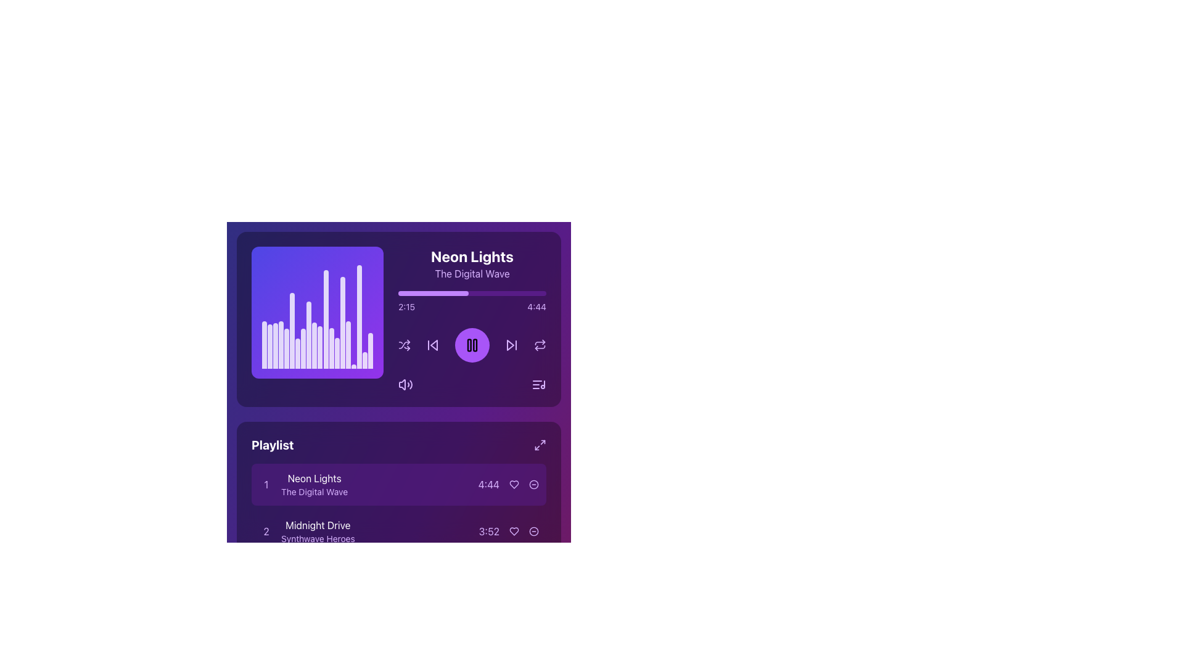  Describe the element at coordinates (488, 484) in the screenshot. I see `the text label that displays the duration of the song in the playlist, located to the far right of the song title and artist information` at that location.